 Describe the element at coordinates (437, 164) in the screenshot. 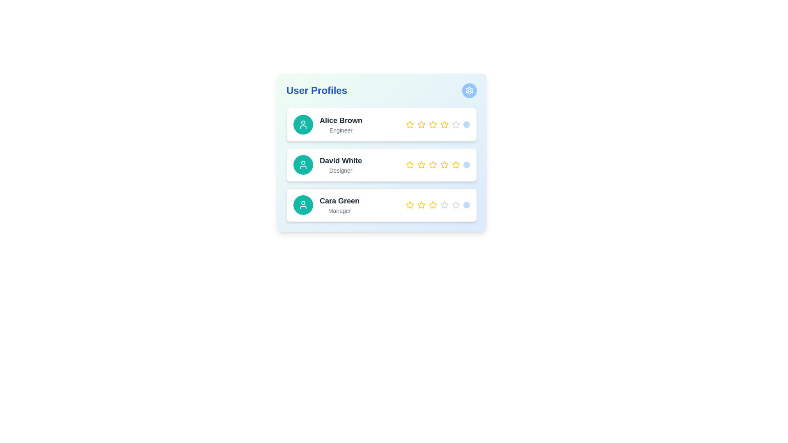

I see `the rating system indicator for 'David White' to rate a star` at that location.